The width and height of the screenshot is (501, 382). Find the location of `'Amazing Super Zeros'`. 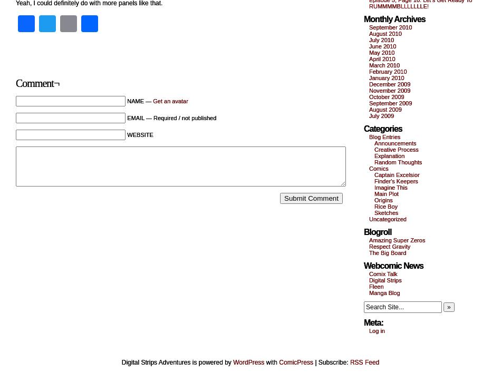

'Amazing Super Zeros' is located at coordinates (396, 240).